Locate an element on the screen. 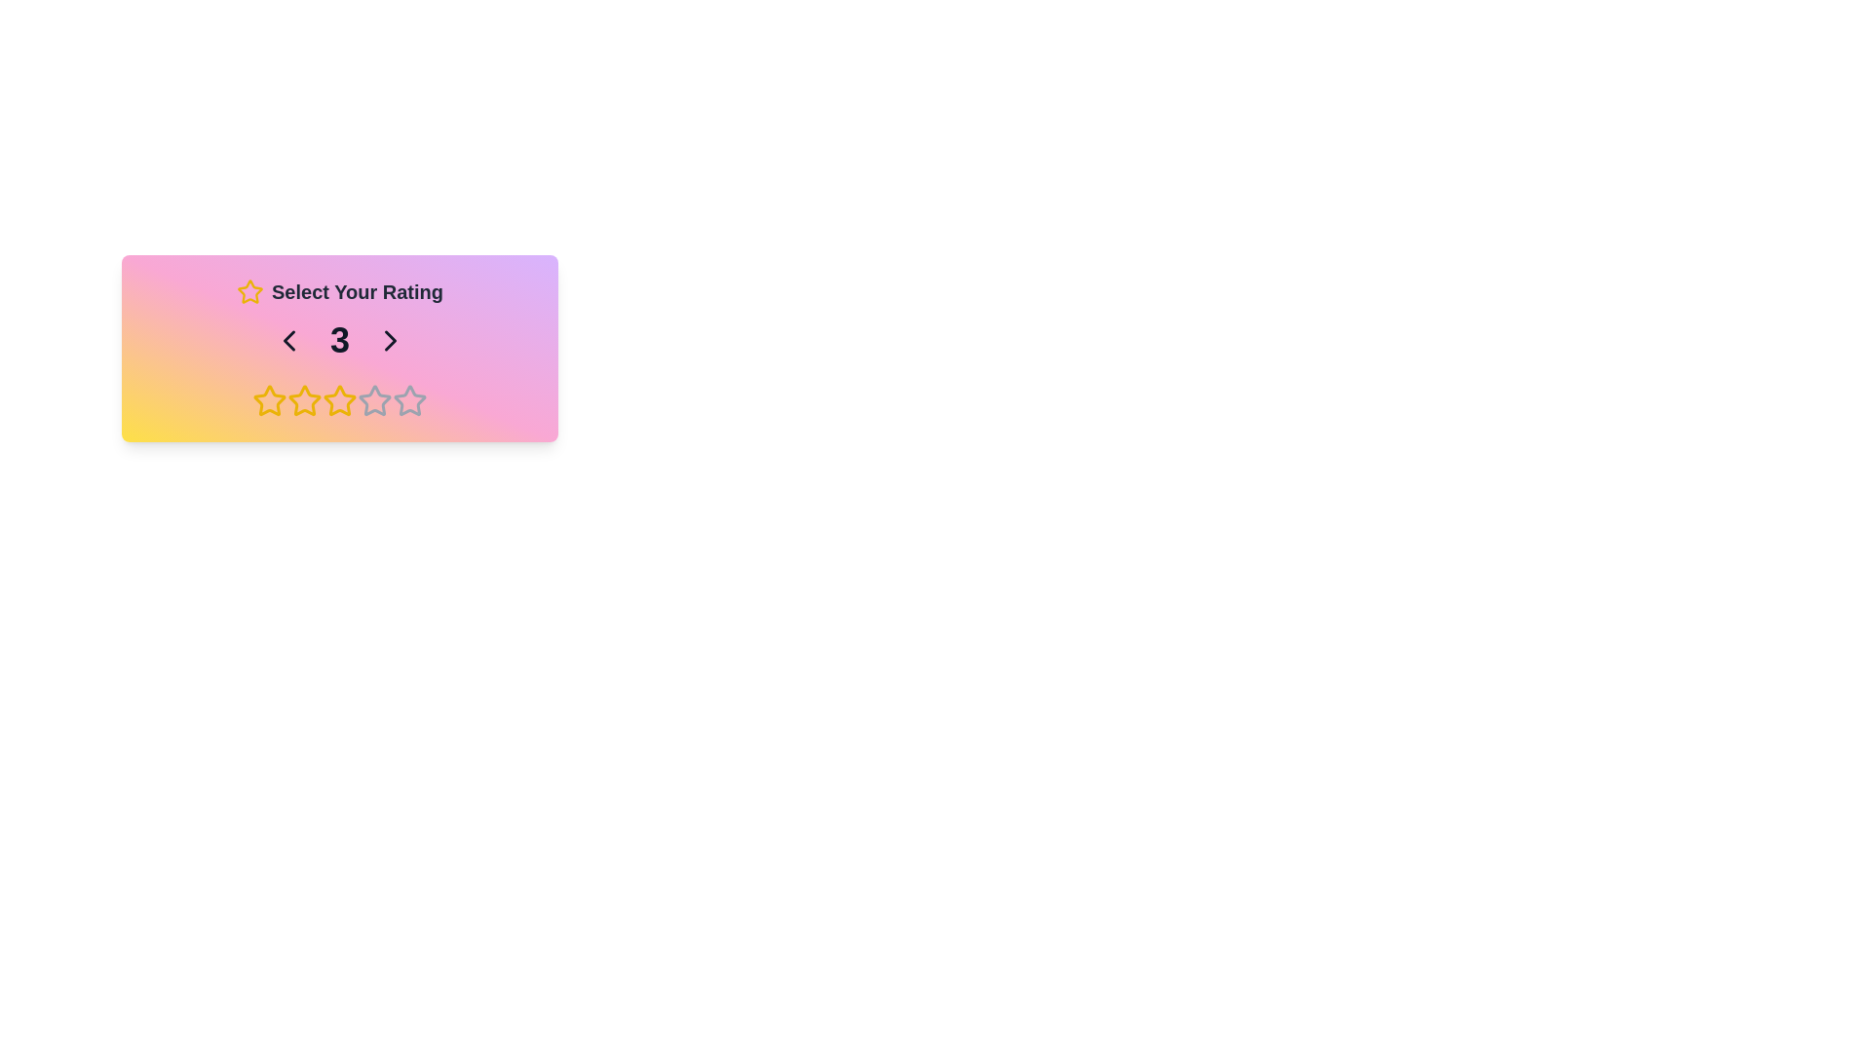  the third star in the rating icon is located at coordinates (303, 399).